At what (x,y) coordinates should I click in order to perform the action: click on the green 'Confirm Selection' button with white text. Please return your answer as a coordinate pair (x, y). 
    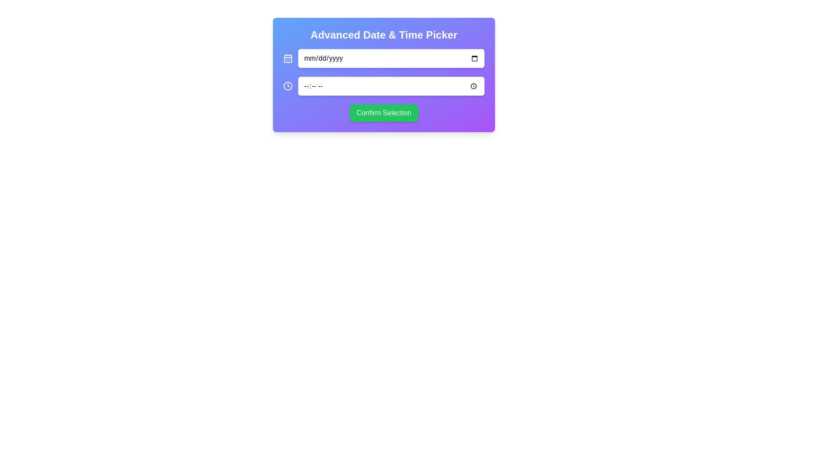
    Looking at the image, I should click on (383, 113).